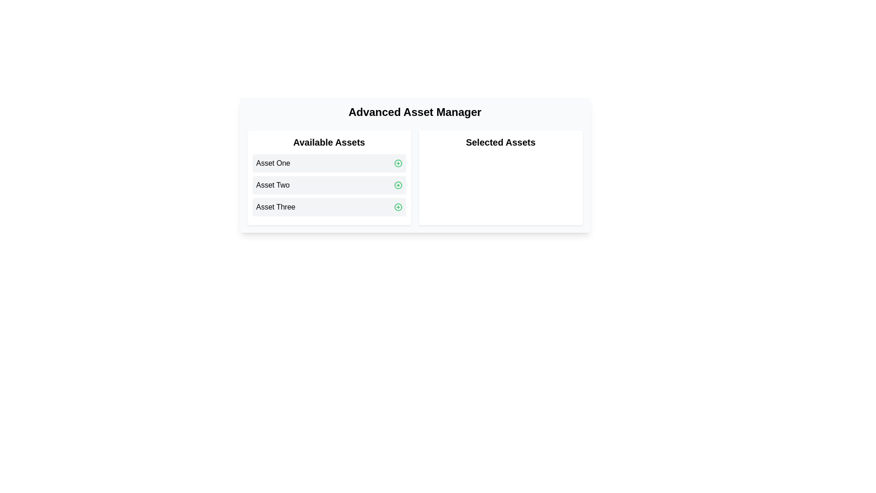  I want to click on the circular green button with a plus sign located to the right of the 'Asset One' label in the 'Available Assets' section, so click(398, 163).